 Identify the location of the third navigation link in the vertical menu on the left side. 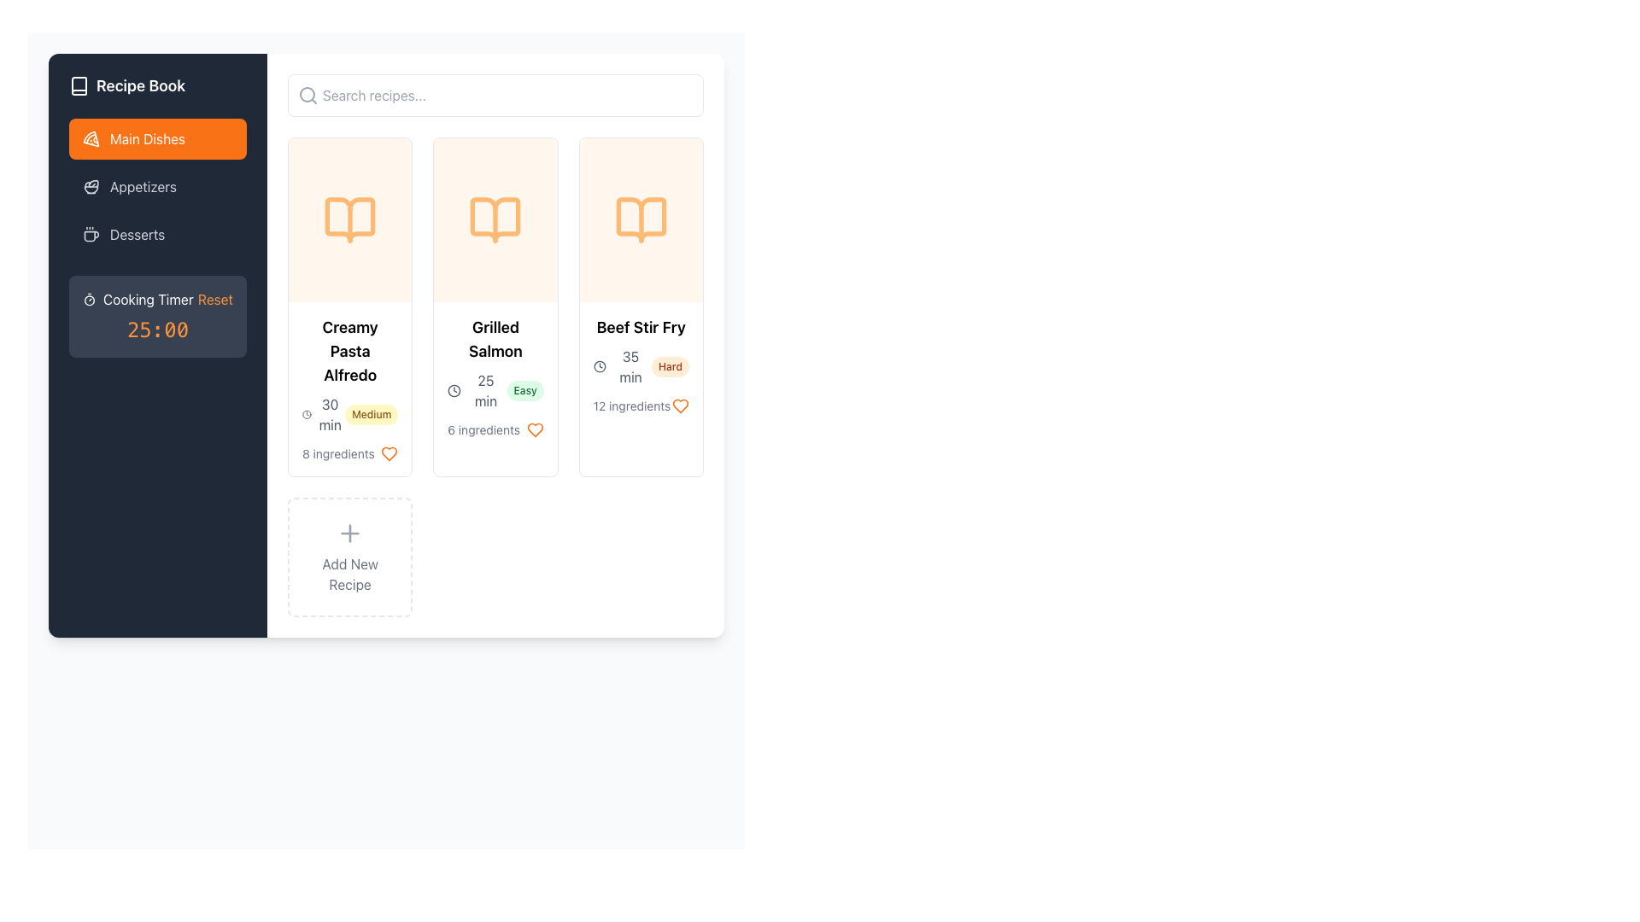
(158, 234).